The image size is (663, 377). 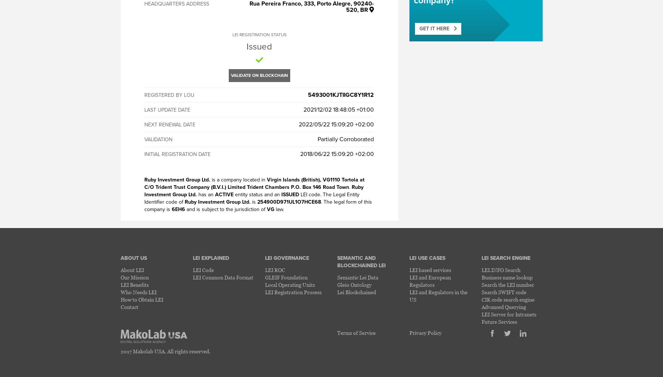 I want to click on 'has an', so click(x=206, y=194).